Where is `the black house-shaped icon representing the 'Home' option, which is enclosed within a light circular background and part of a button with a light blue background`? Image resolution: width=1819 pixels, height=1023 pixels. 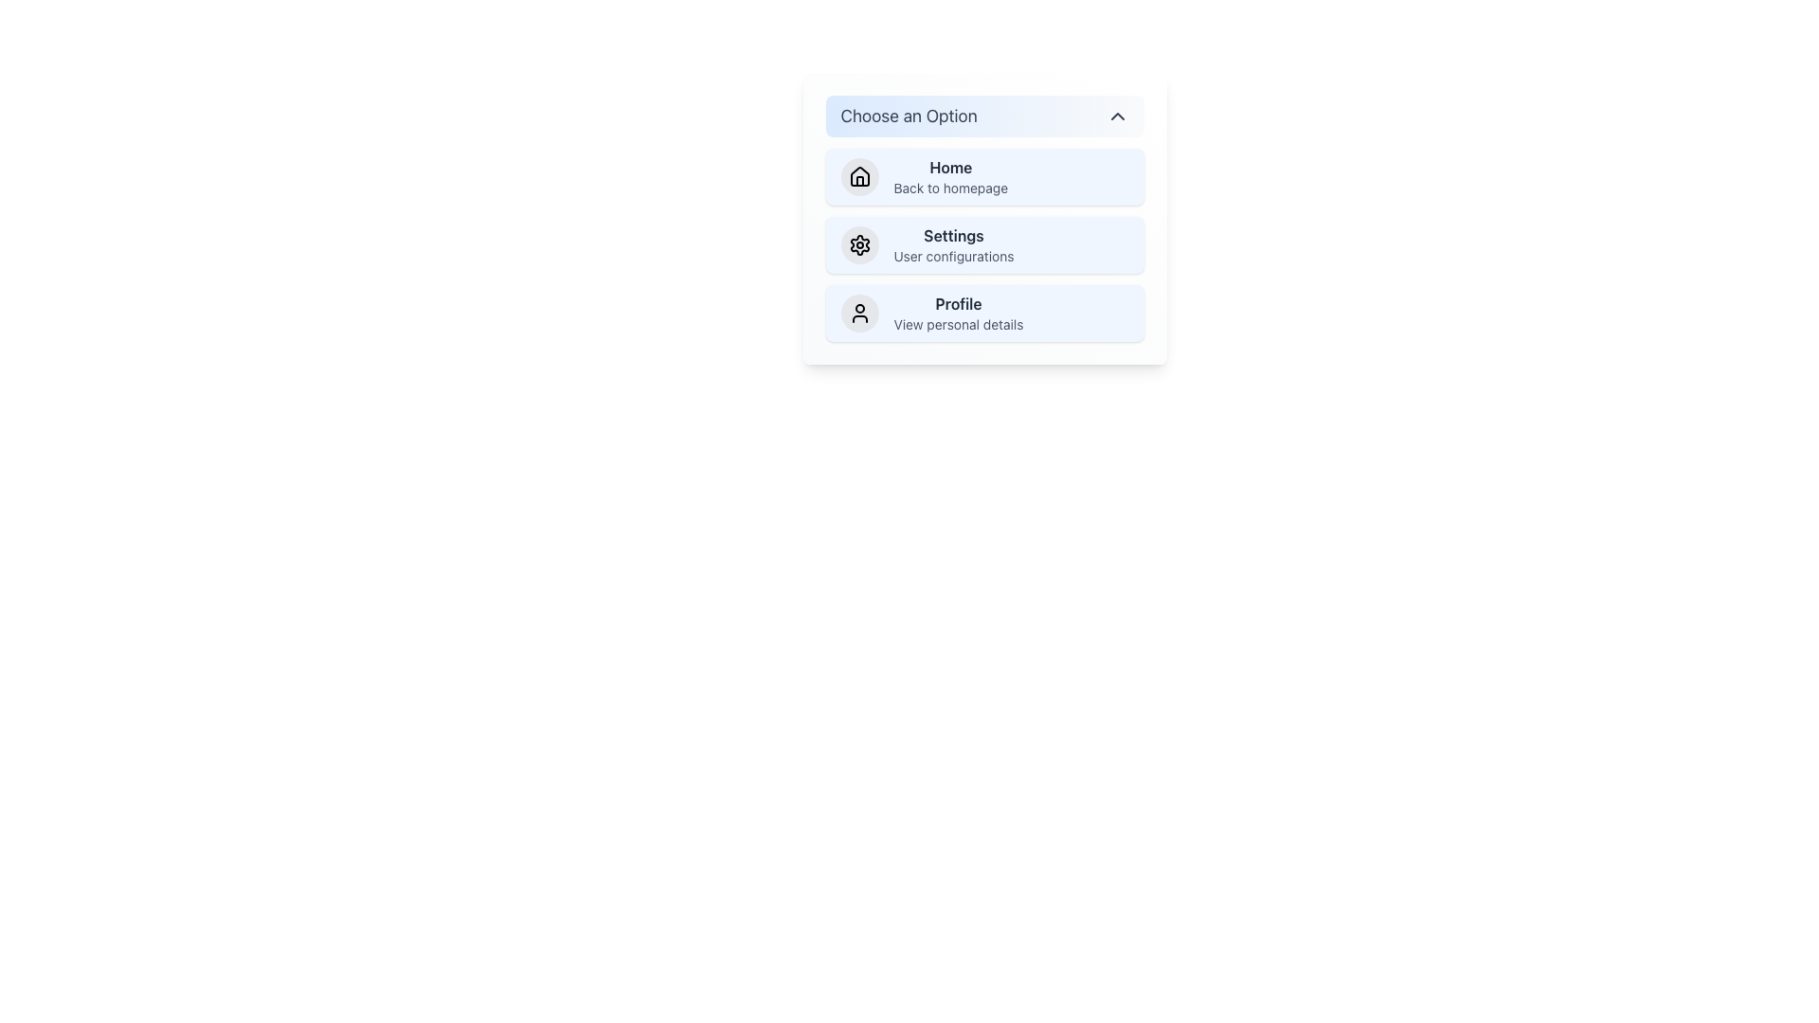
the black house-shaped icon representing the 'Home' option, which is enclosed within a light circular background and part of a button with a light blue background is located at coordinates (858, 176).